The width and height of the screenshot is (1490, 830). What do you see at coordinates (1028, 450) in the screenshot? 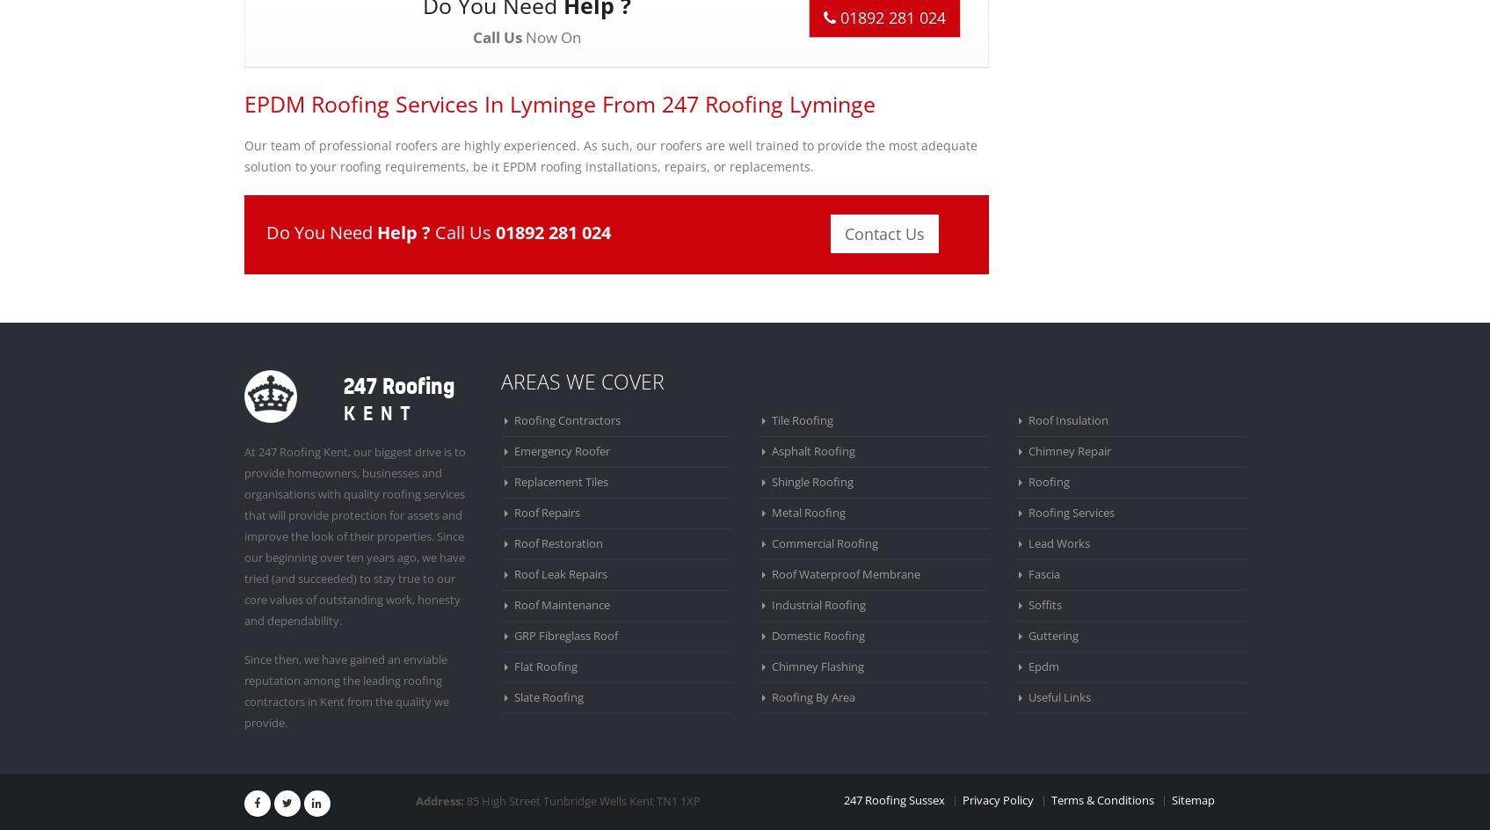
I see `'Chimney Repair'` at bounding box center [1028, 450].